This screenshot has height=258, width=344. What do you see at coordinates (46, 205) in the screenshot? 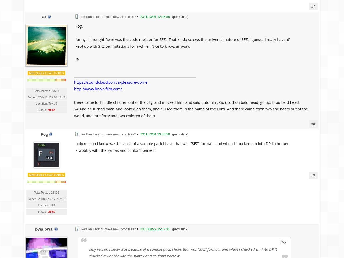
I see `'Location: UK'` at bounding box center [46, 205].